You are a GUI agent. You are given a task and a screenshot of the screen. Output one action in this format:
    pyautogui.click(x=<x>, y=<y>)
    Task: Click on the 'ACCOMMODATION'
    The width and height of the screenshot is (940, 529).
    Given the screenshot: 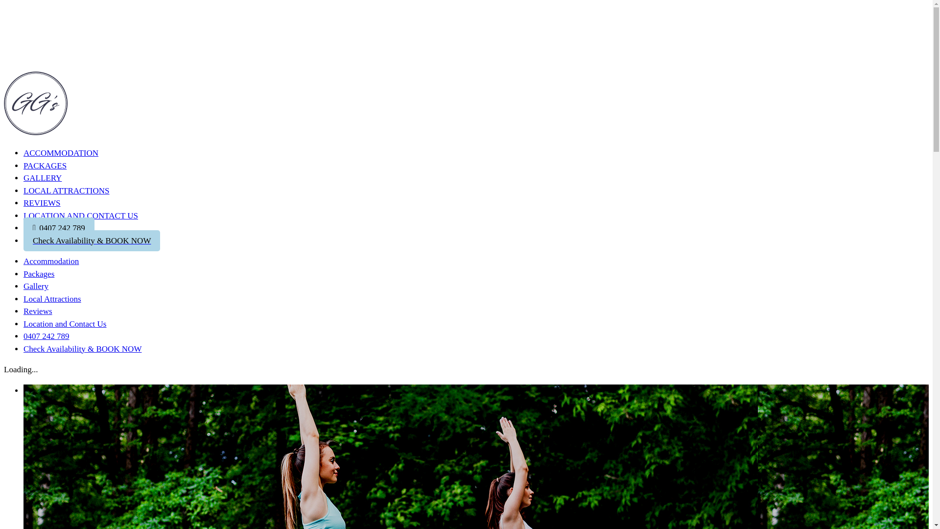 What is the action you would take?
    pyautogui.click(x=60, y=154)
    